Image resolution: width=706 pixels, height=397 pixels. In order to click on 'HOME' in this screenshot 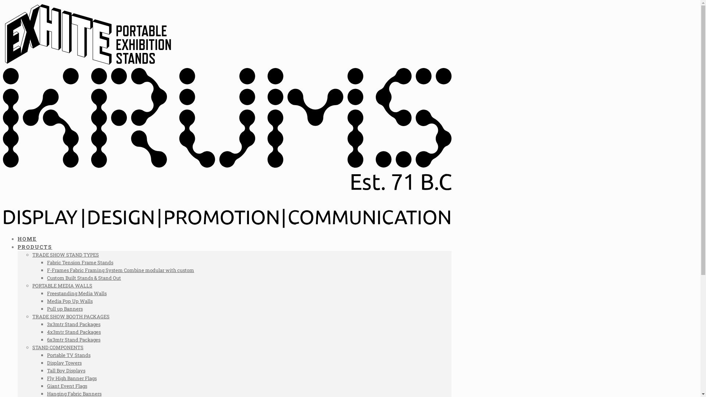, I will do `click(27, 239)`.